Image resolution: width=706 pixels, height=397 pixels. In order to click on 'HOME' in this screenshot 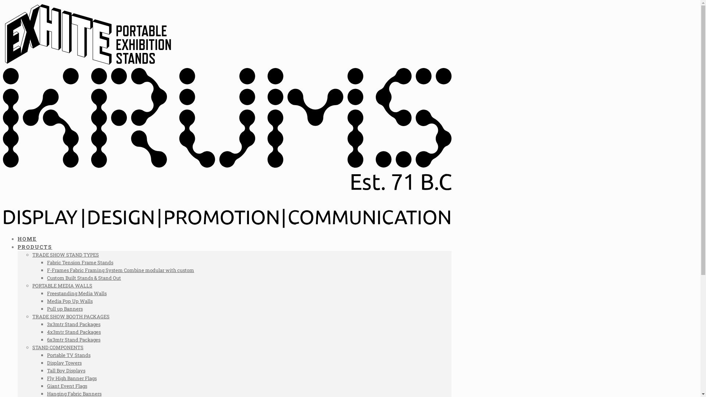, I will do `click(27, 239)`.